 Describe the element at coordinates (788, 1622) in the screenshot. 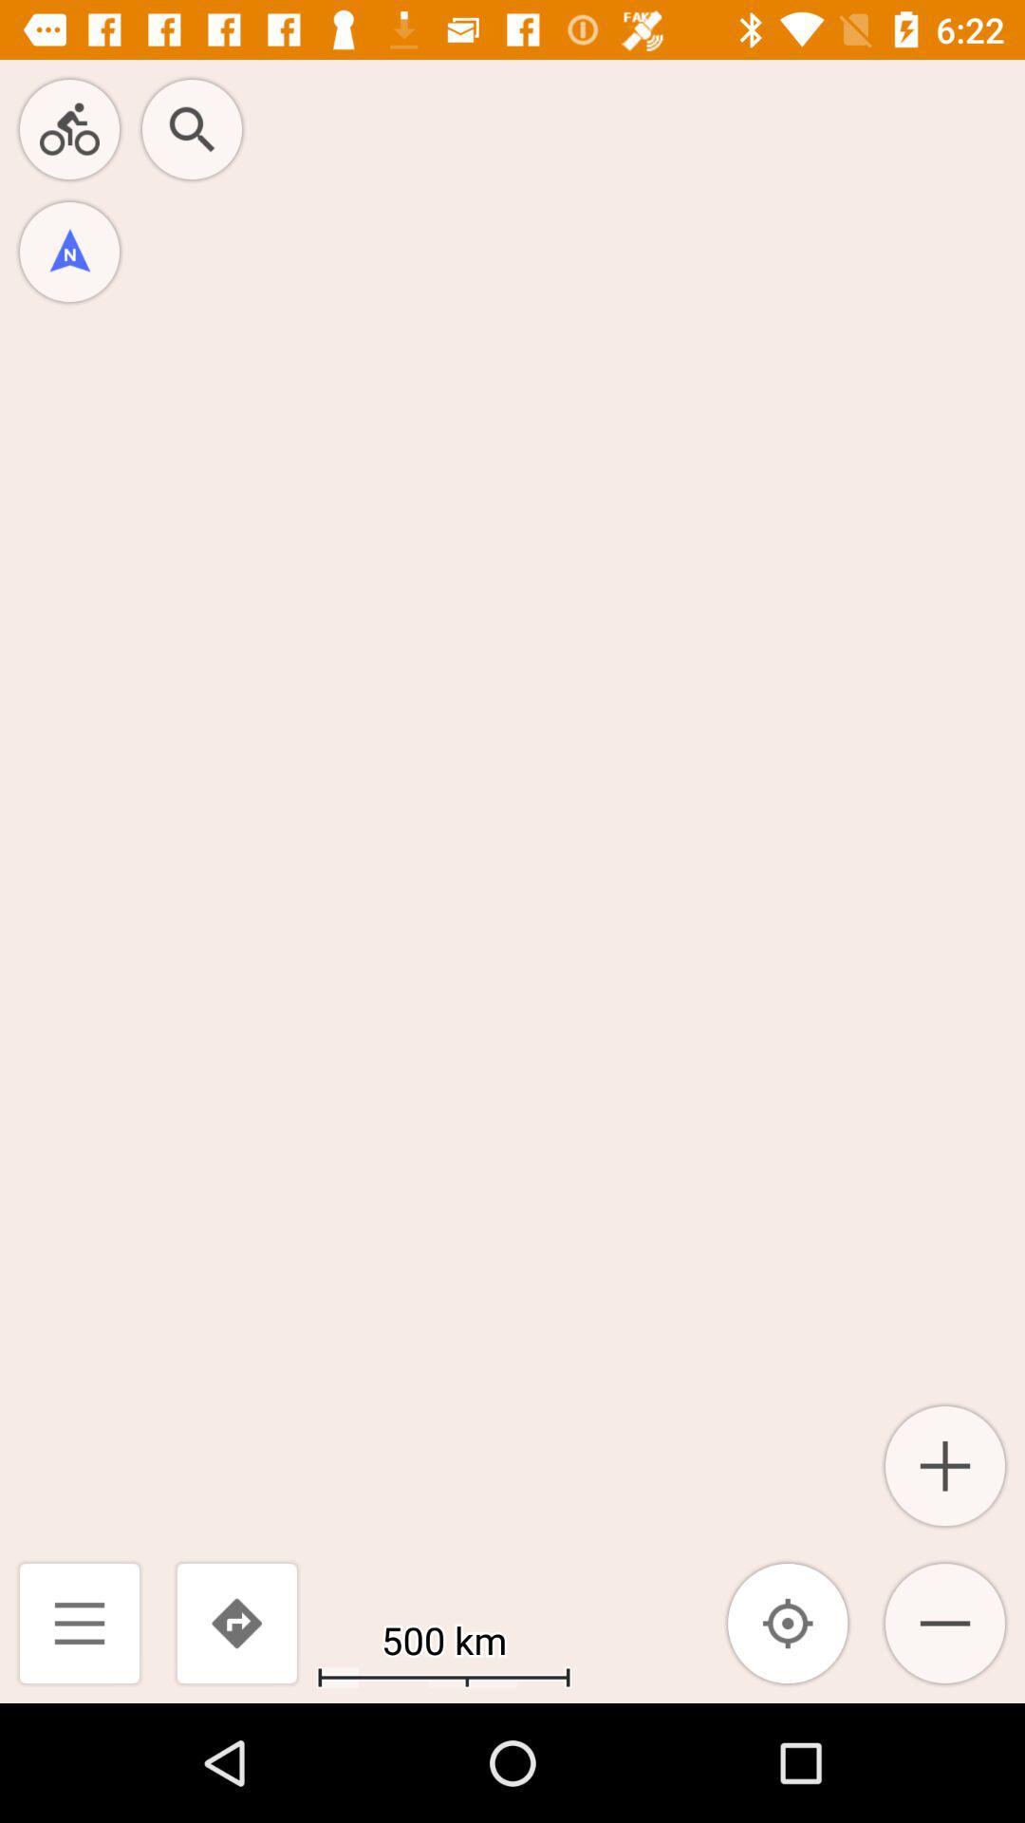

I see `the icon next to the 500 km item` at that location.